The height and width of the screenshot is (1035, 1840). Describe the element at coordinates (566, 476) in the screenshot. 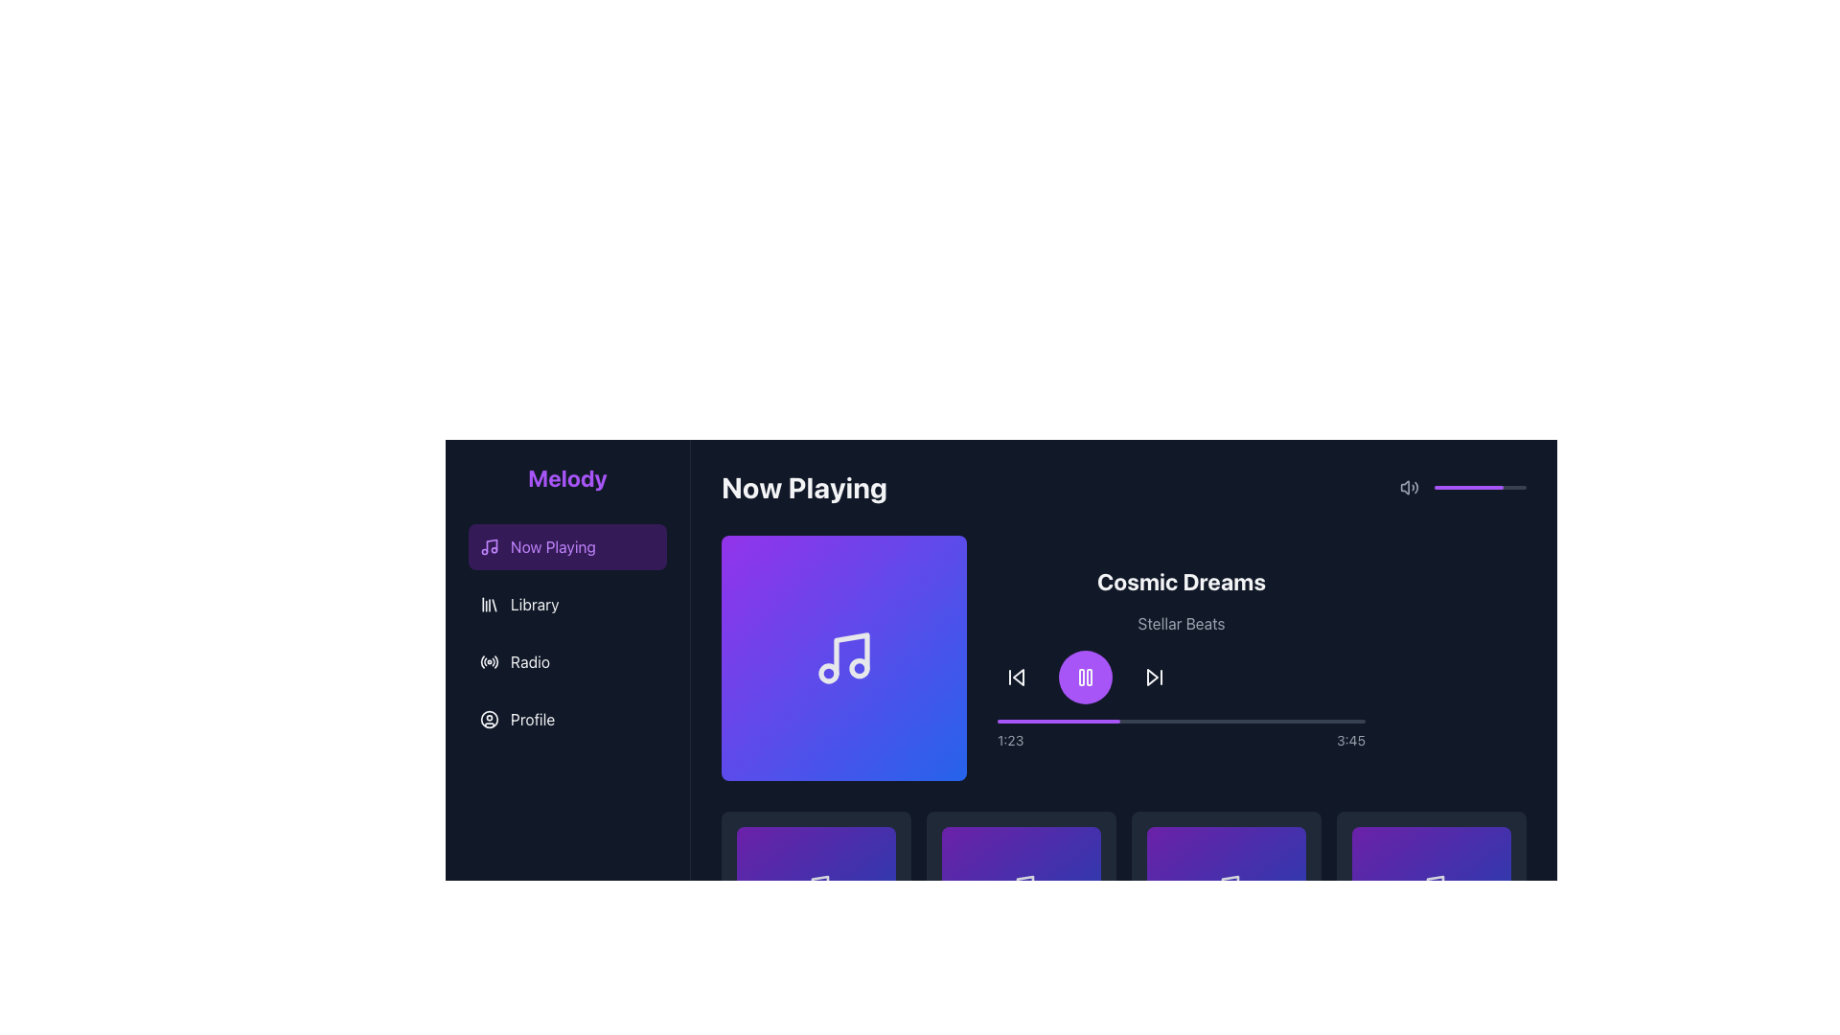

I see `the prominently styled 'Melody' text label, which is bold, large, and purple, located at the top of the navigation panel` at that location.